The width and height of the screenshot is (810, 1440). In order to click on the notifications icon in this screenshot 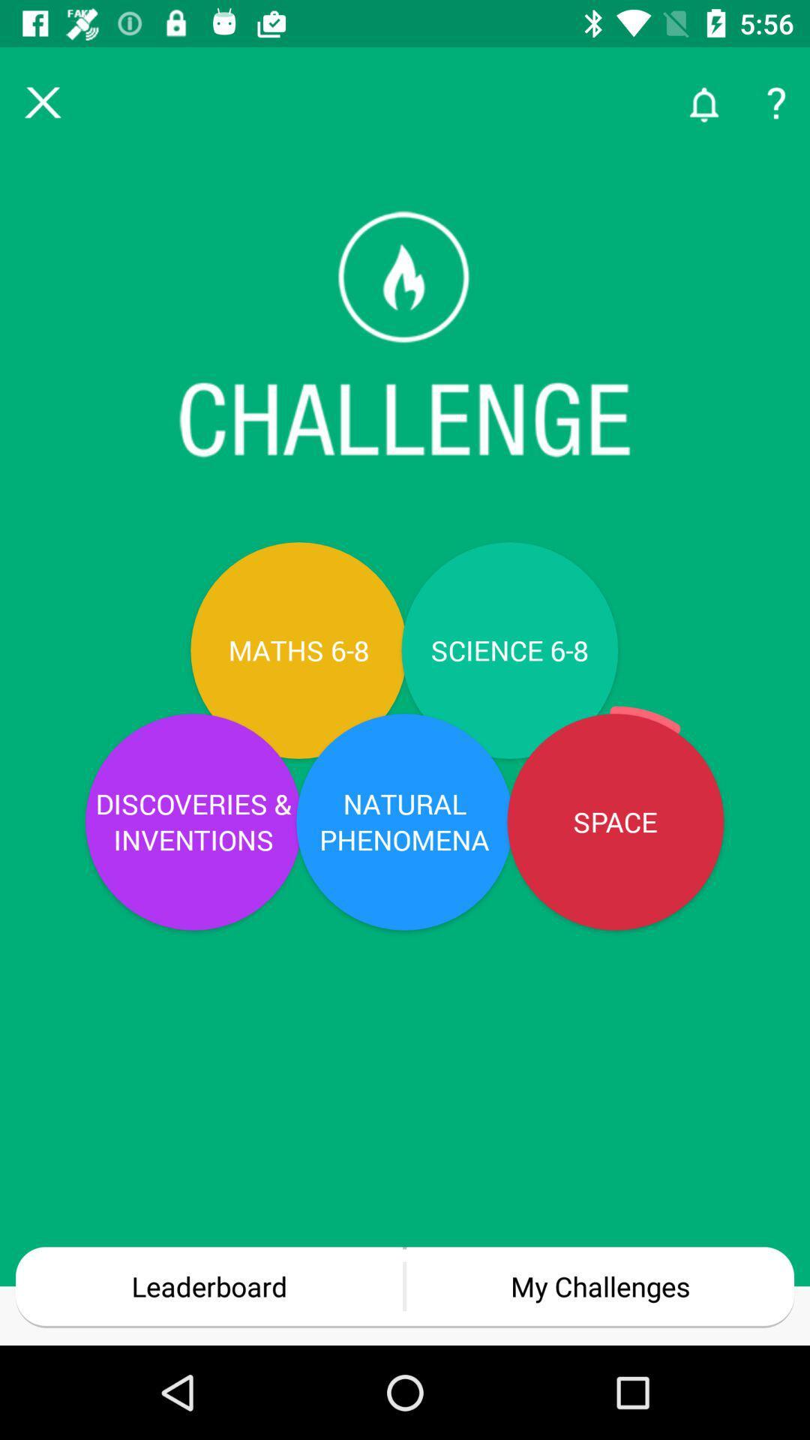, I will do `click(703, 103)`.